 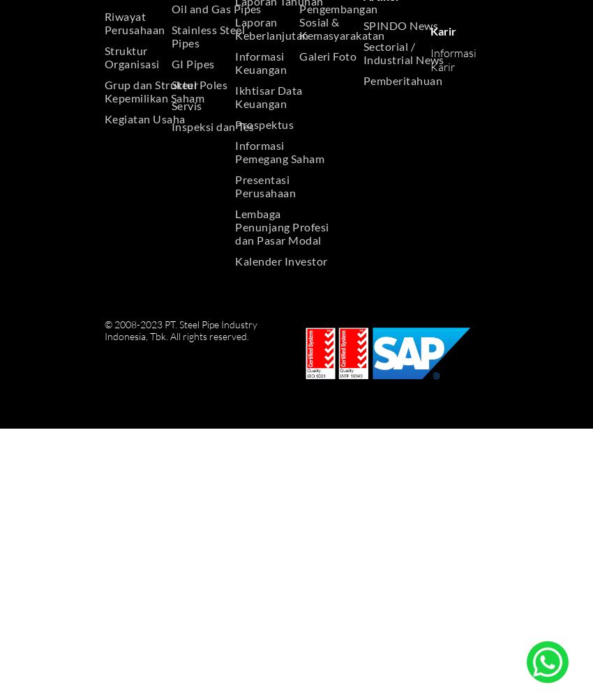 I want to click on 'Kegiatan Usaha', so click(x=144, y=118).